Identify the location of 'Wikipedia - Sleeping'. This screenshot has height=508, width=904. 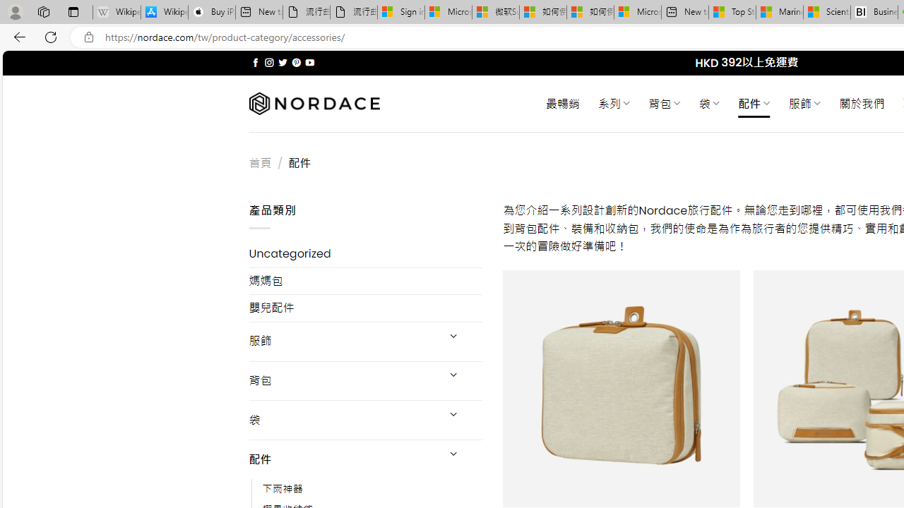
(117, 12).